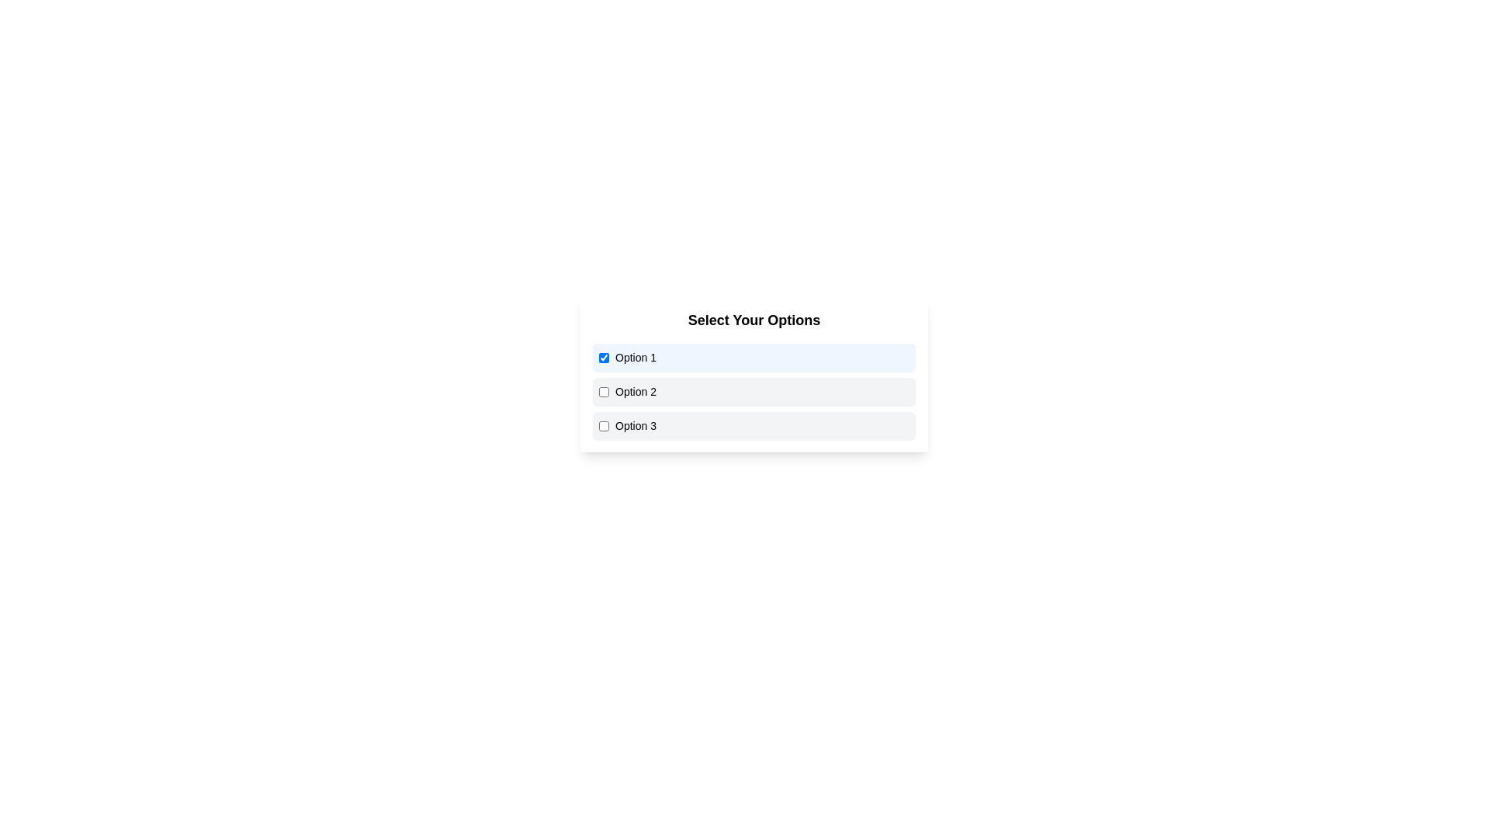  Describe the element at coordinates (754, 358) in the screenshot. I see `the first checkbox labeled 'Option 1'` at that location.